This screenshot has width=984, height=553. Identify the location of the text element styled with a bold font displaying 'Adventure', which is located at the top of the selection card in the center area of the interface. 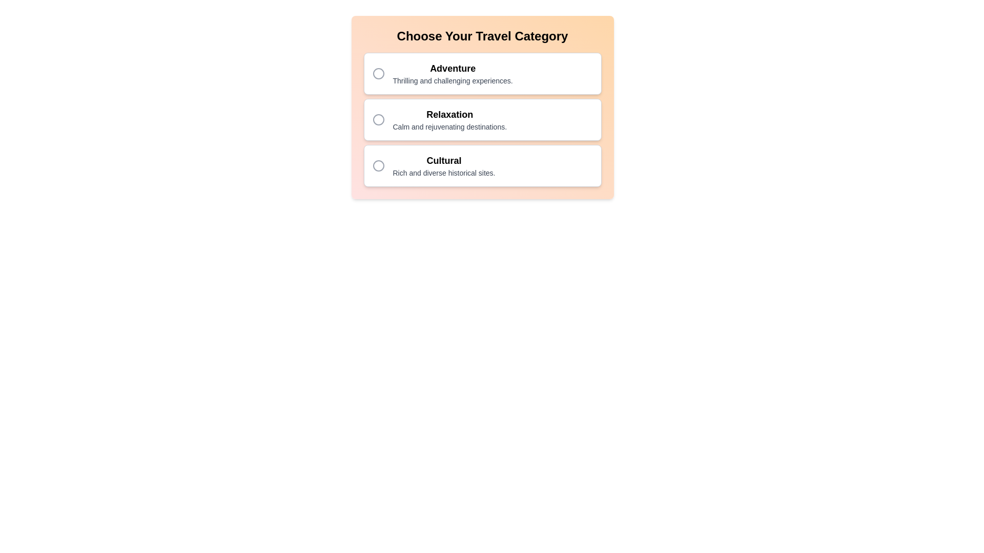
(452, 69).